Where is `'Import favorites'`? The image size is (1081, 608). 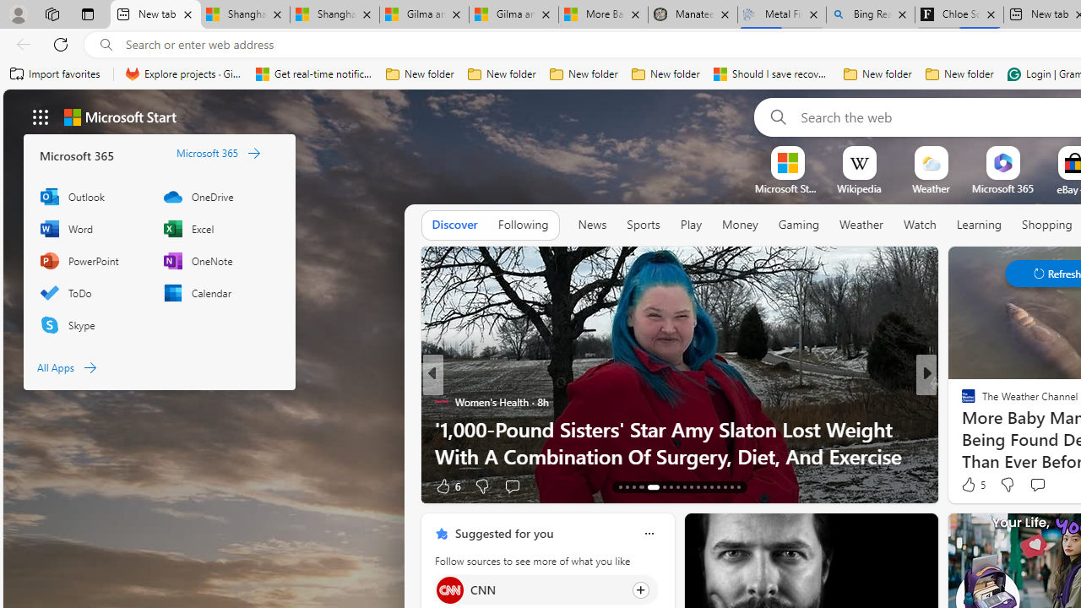 'Import favorites' is located at coordinates (55, 73).